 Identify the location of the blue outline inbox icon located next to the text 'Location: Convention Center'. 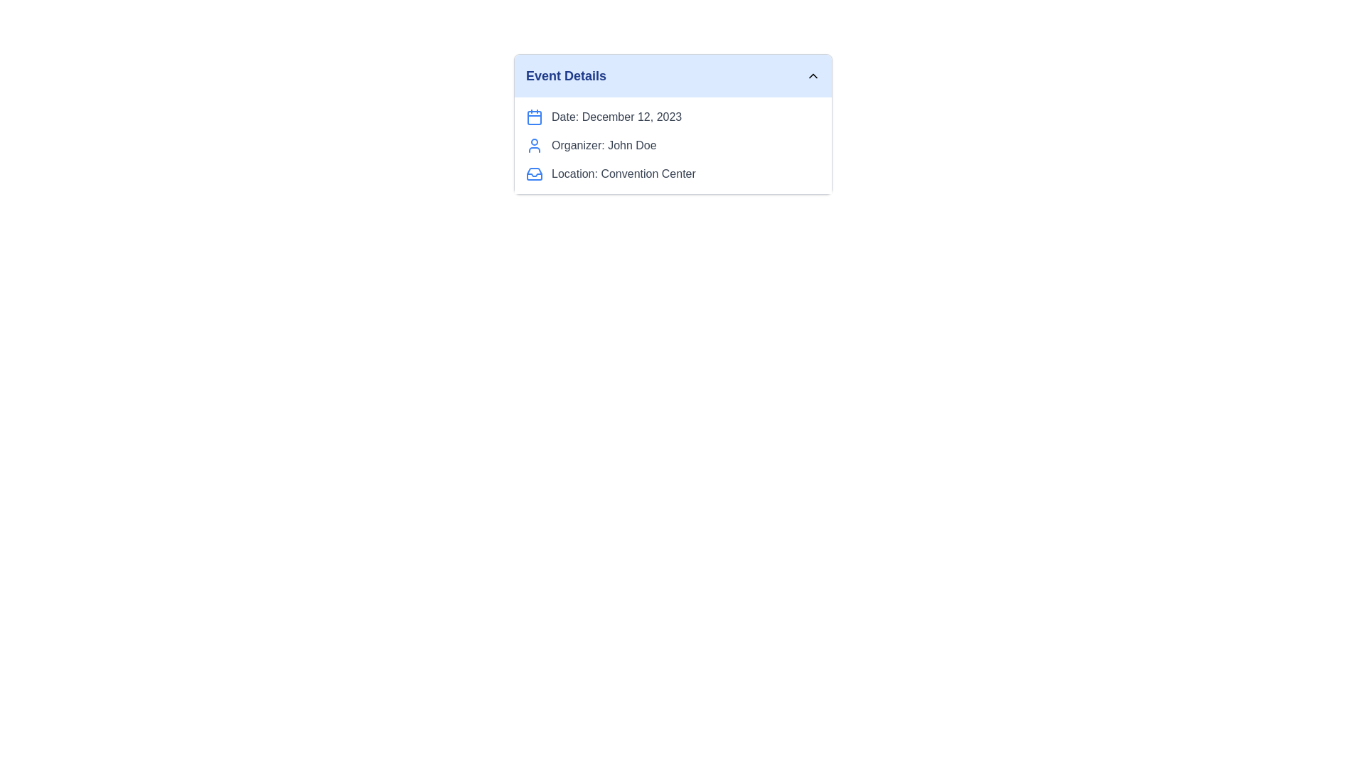
(534, 174).